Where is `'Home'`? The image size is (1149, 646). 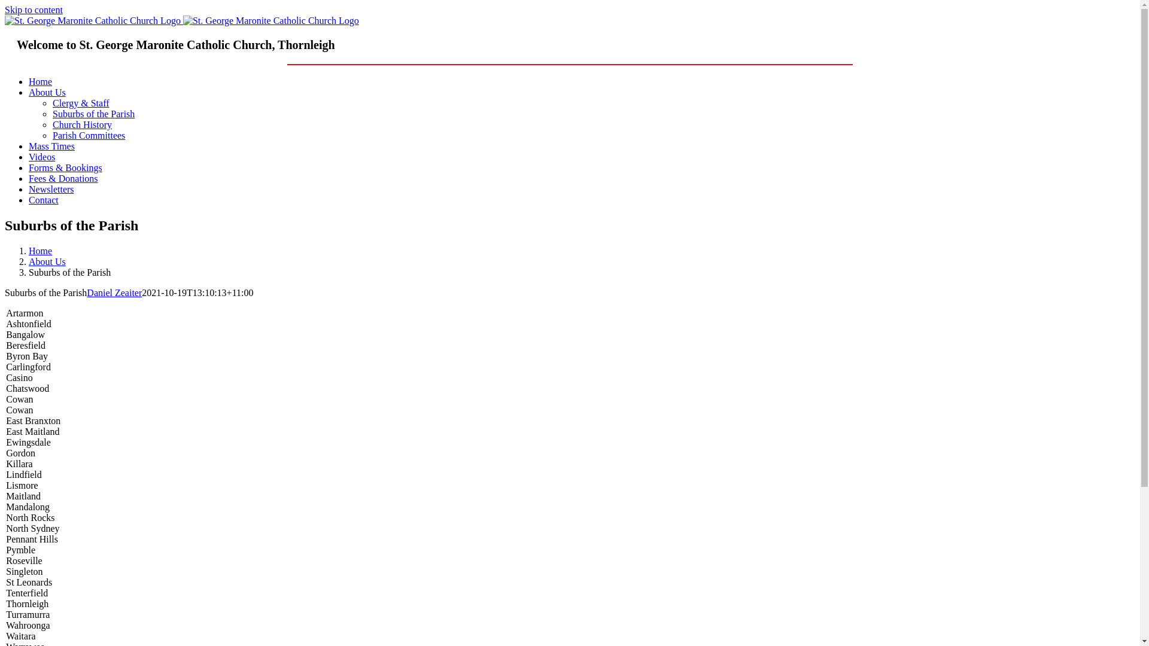
'Home' is located at coordinates (40, 81).